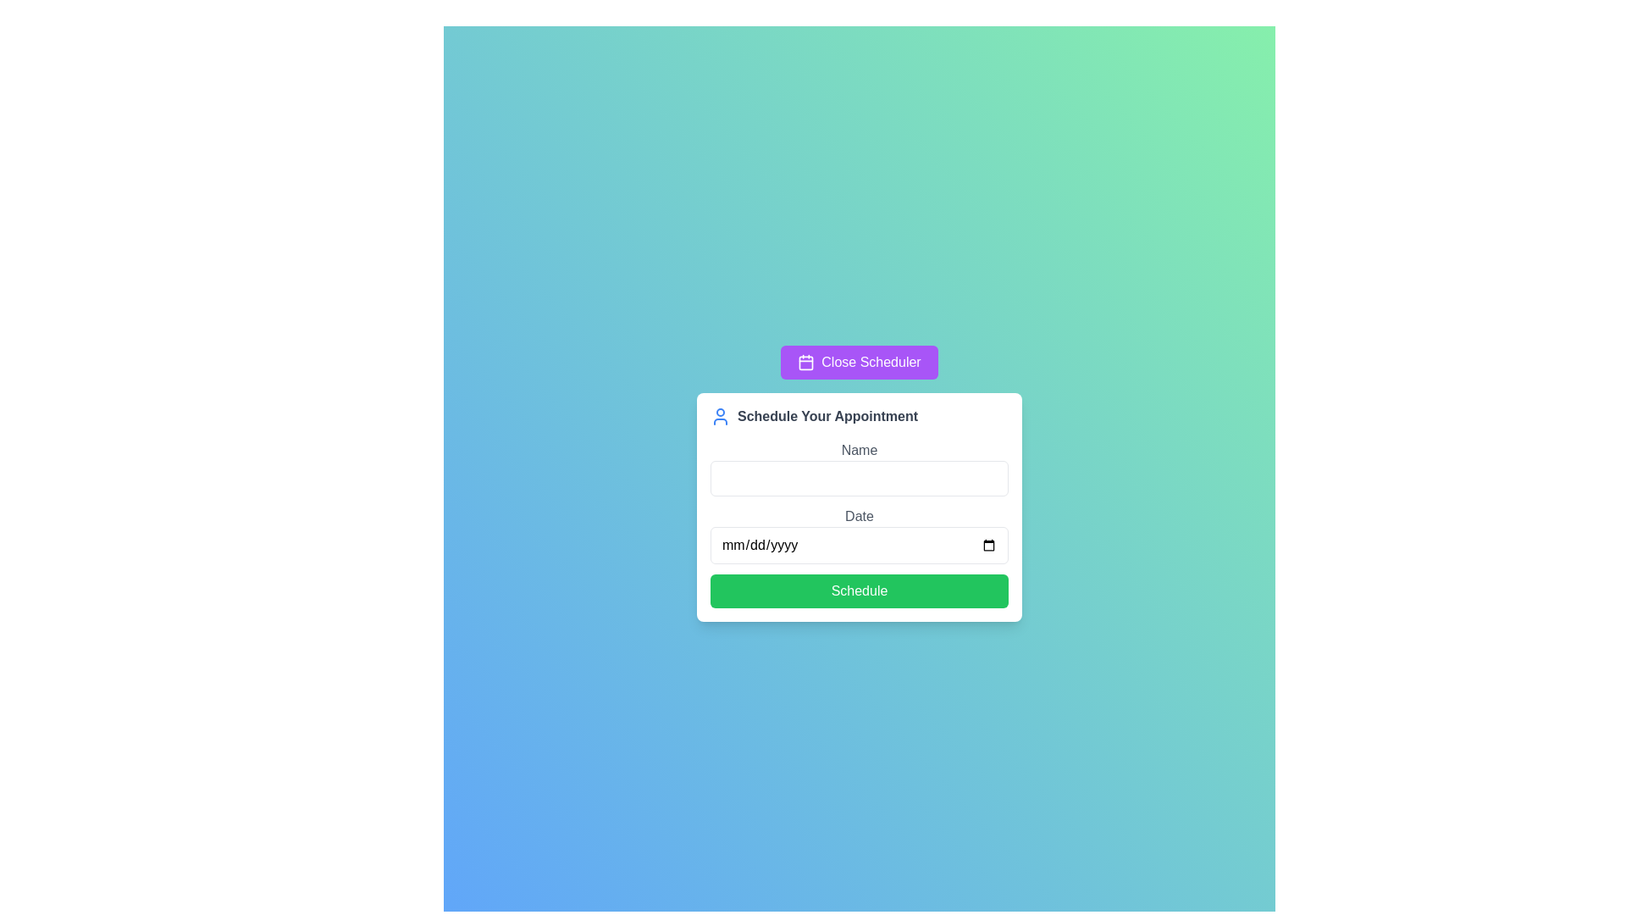 The image size is (1626, 915). Describe the element at coordinates (805, 362) in the screenshot. I see `the decorative SVG Rectangle element inside the calendar icon, positioned near the text 'Close Scheduler'` at that location.